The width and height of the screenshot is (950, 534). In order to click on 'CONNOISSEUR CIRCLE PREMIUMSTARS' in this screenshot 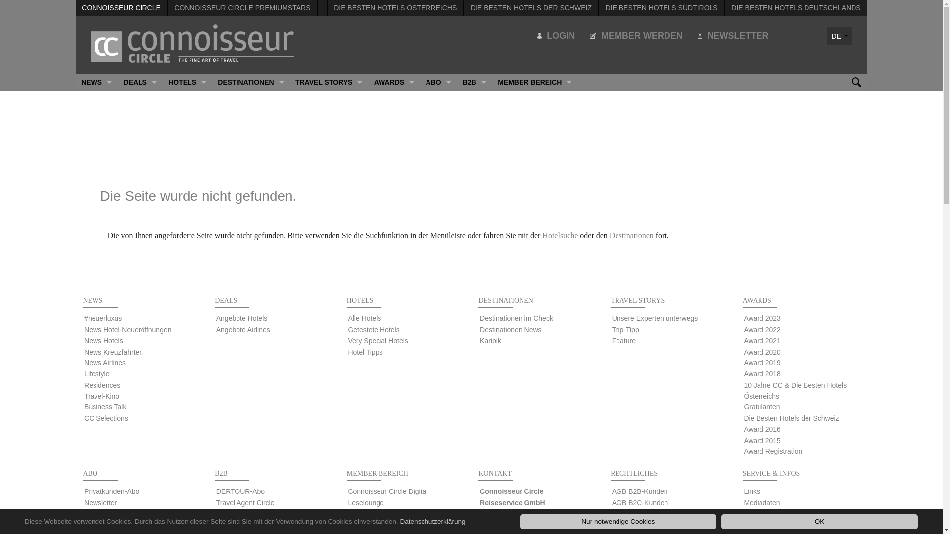, I will do `click(242, 7)`.